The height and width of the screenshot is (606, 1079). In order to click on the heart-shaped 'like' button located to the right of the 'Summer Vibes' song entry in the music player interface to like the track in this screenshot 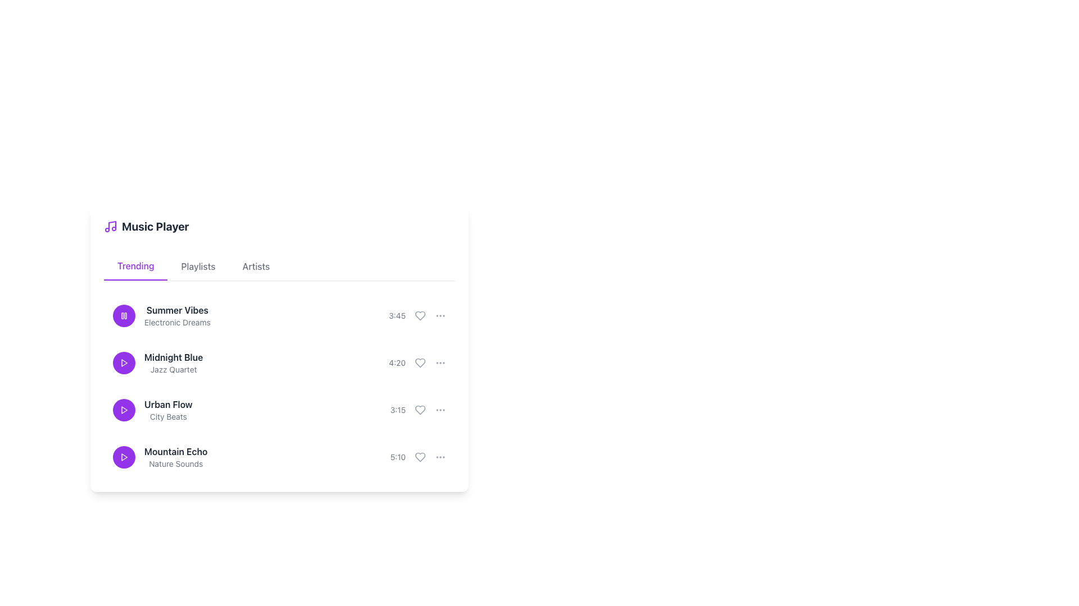, I will do `click(420, 316)`.